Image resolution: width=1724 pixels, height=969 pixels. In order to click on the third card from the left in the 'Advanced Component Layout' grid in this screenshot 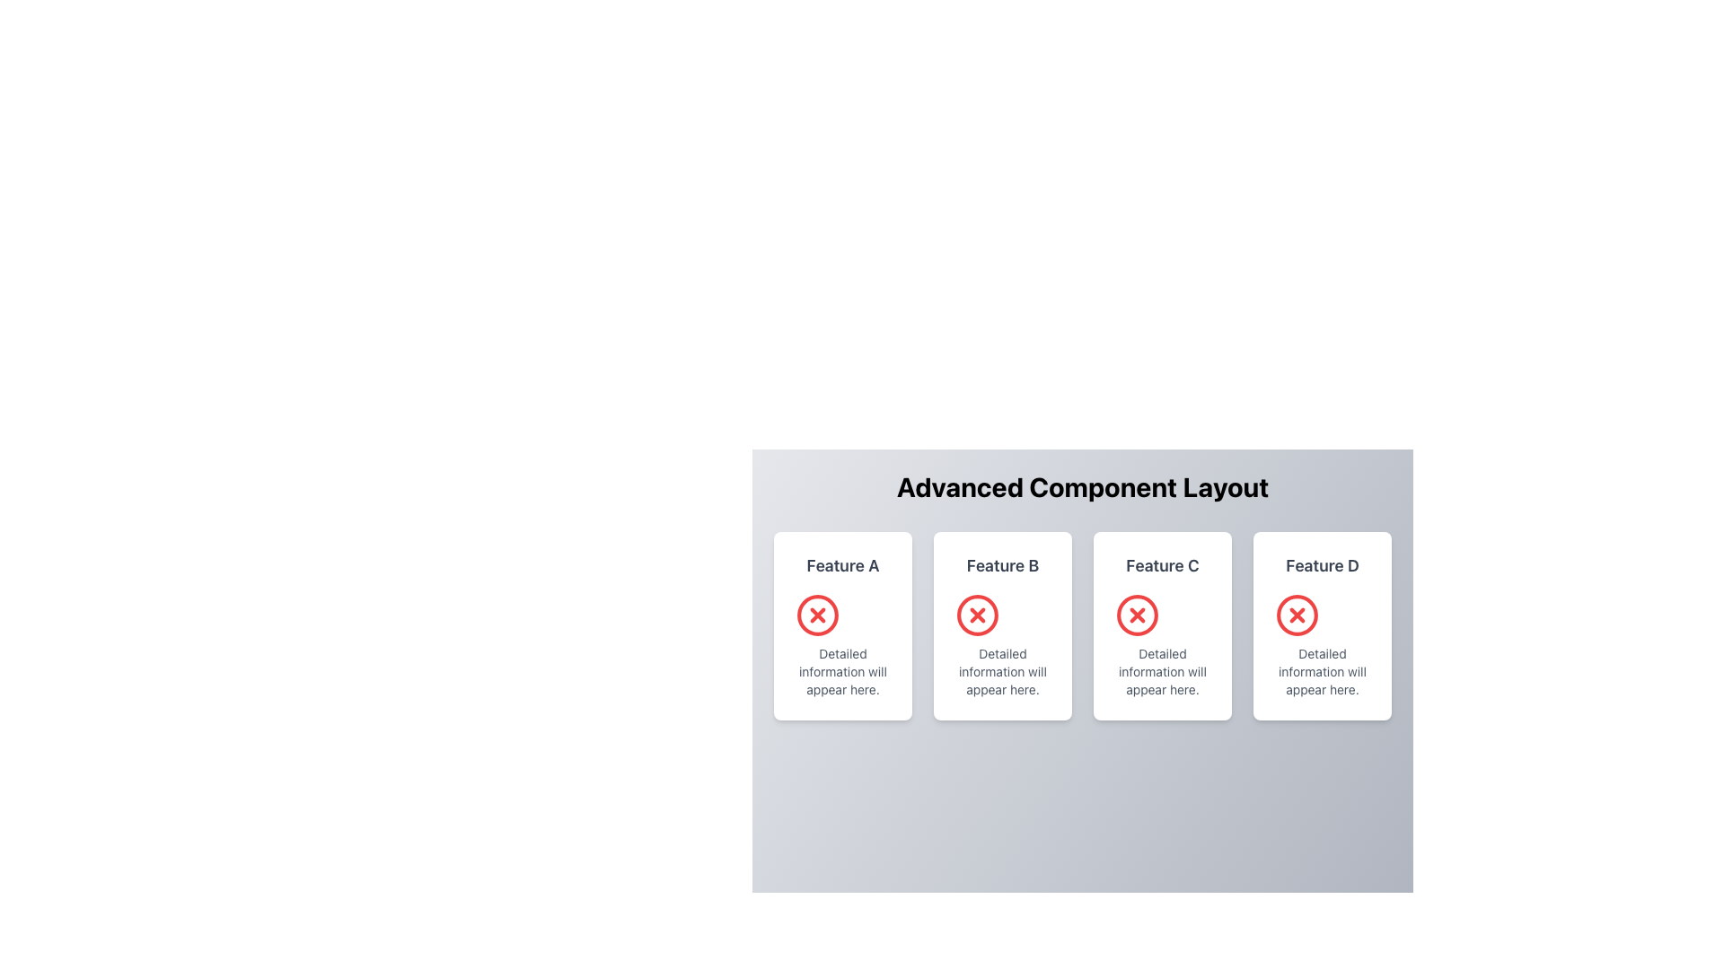, I will do `click(1163, 625)`.